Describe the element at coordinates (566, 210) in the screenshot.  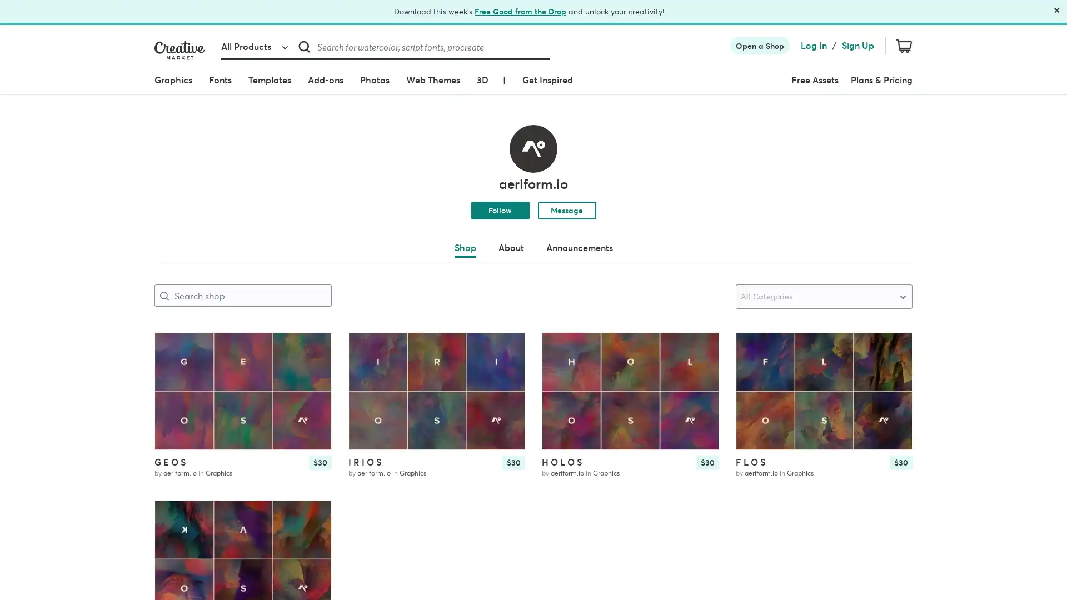
I see `Message` at that location.